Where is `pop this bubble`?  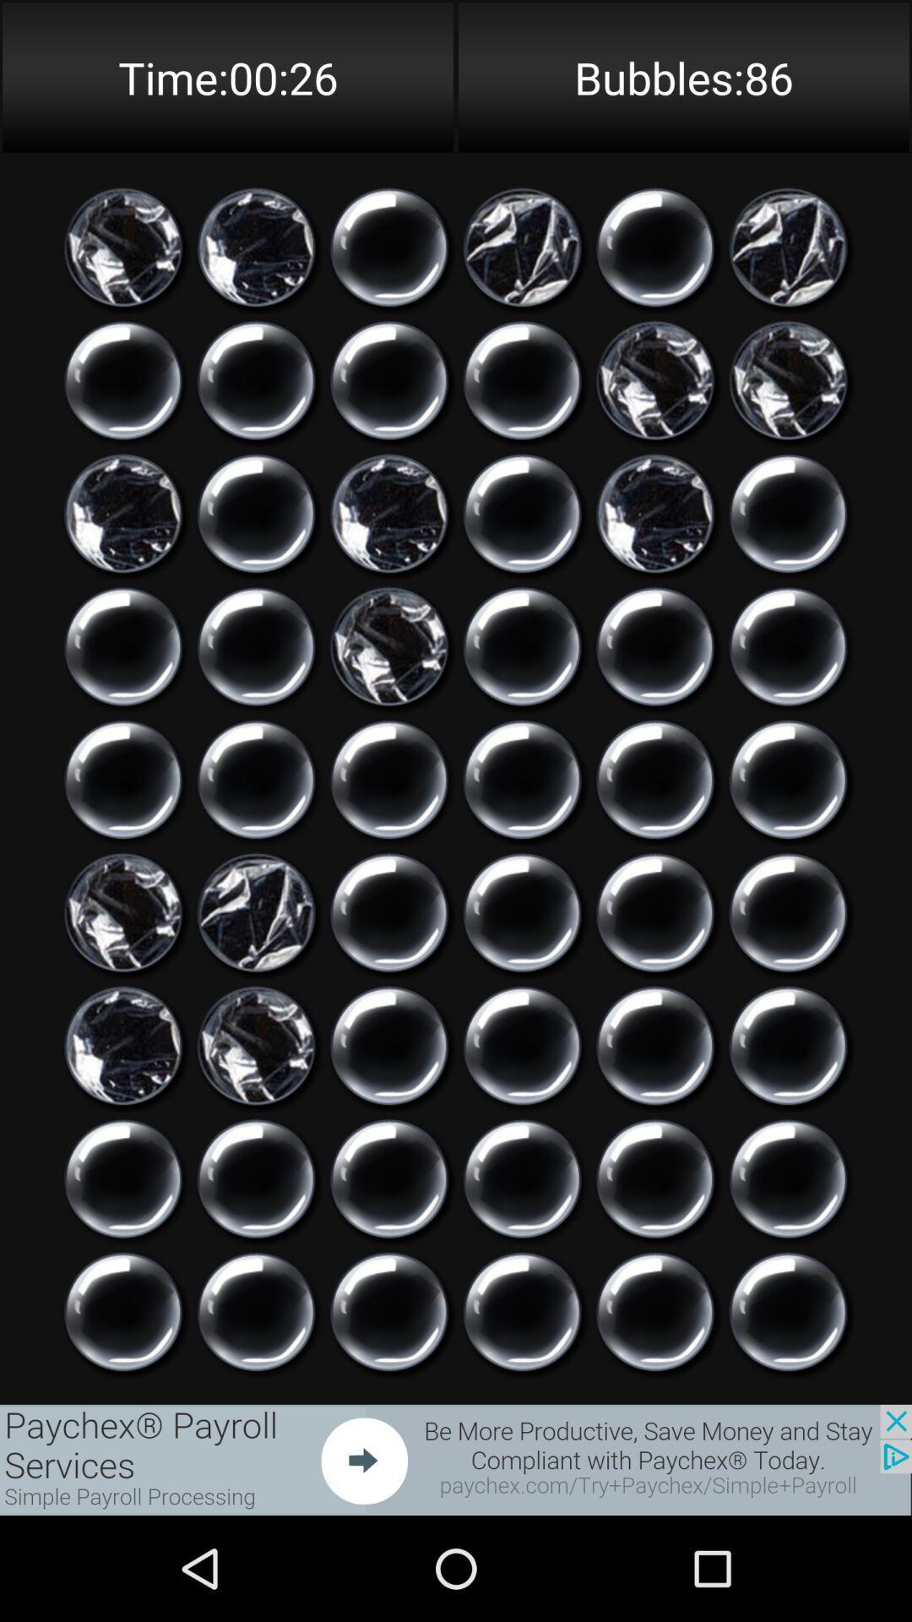
pop this bubble is located at coordinates (256, 1045).